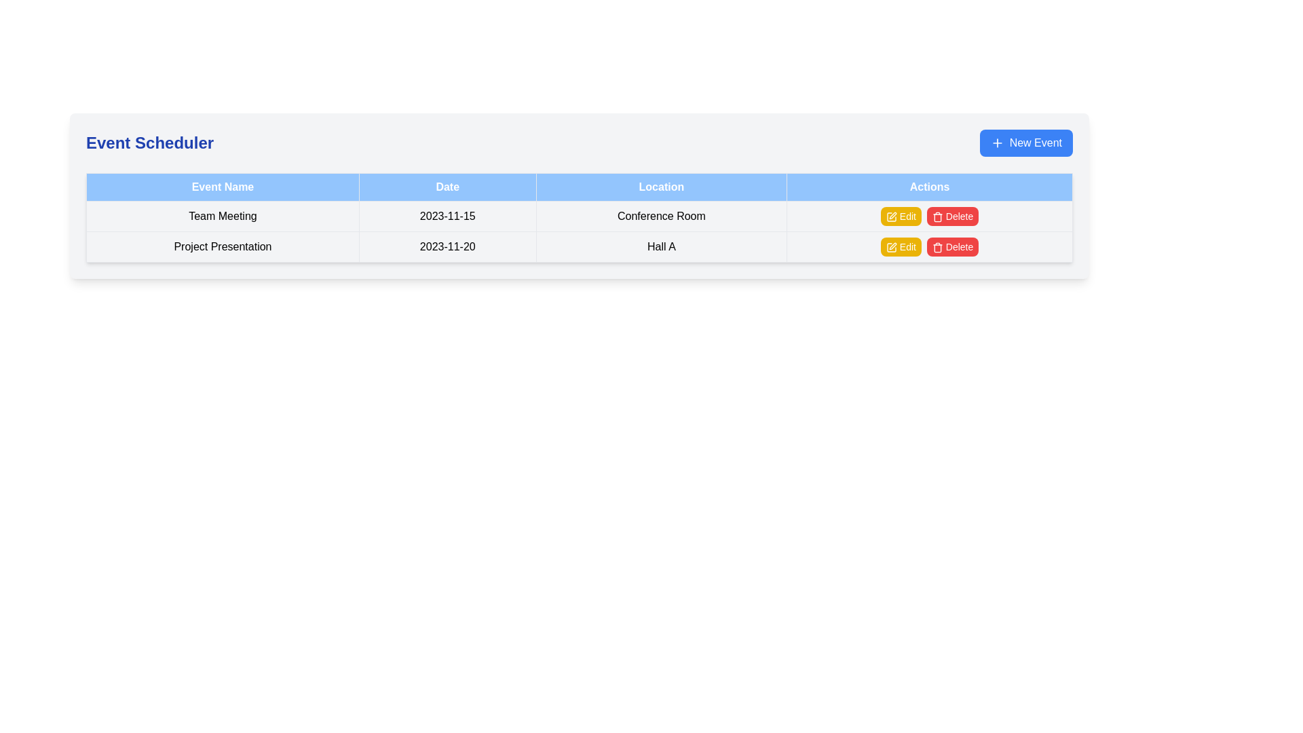  I want to click on the central bin-body component of the trash bin icon within the 'Delete' button in the 'Actions' column of the second table row for the event 'Project Presentation', so click(937, 248).